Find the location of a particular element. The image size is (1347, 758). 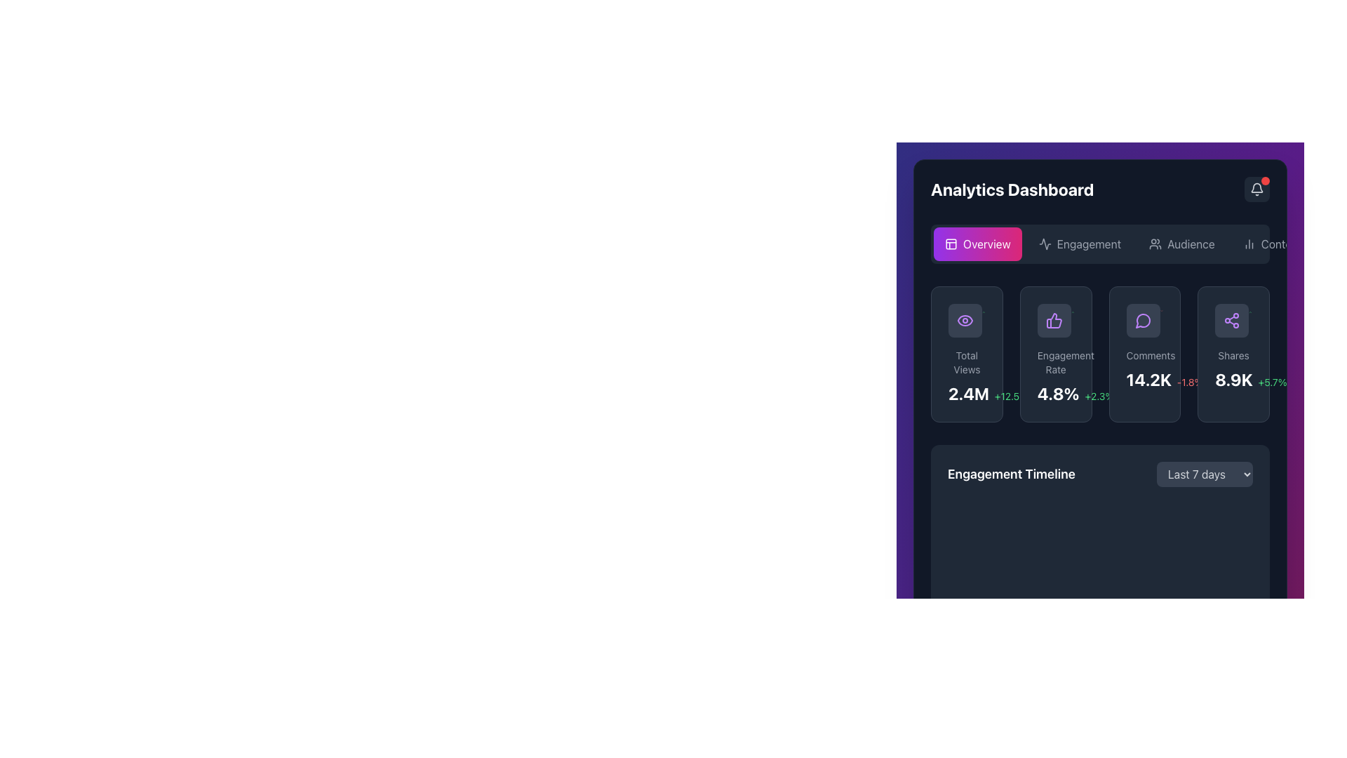

the dropdown button labeled 'Last 7 days' with a dark gray background and light gray text is located at coordinates (1204, 474).